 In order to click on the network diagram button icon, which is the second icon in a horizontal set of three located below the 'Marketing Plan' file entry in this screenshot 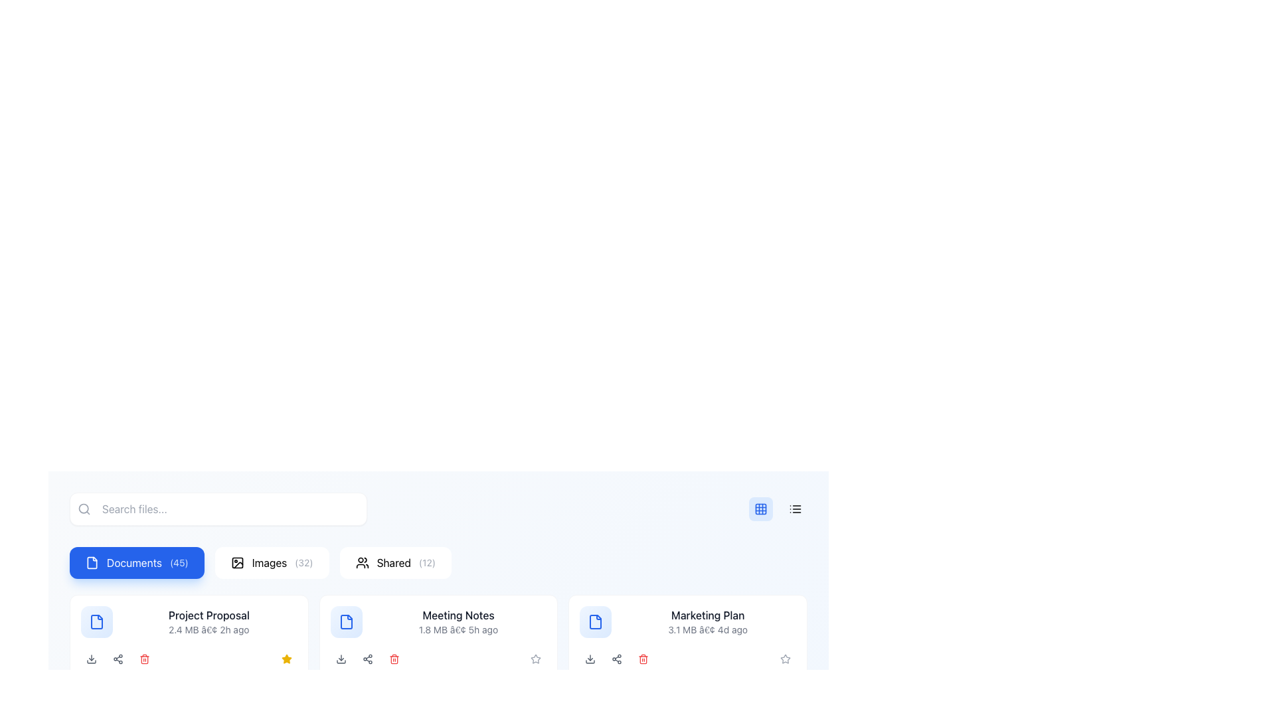, I will do `click(616, 659)`.